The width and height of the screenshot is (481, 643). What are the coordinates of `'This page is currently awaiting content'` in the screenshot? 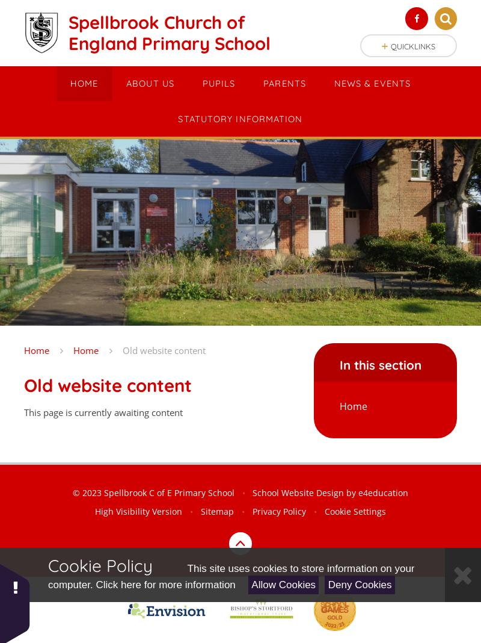 It's located at (103, 411).